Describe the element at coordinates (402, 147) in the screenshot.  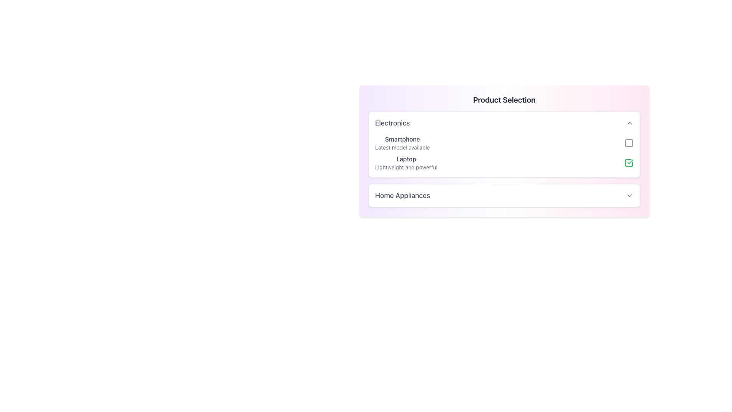
I see `the text label displaying 'Latest model available', which is positioned below 'Smartphone' in the 'Electronics' section` at that location.